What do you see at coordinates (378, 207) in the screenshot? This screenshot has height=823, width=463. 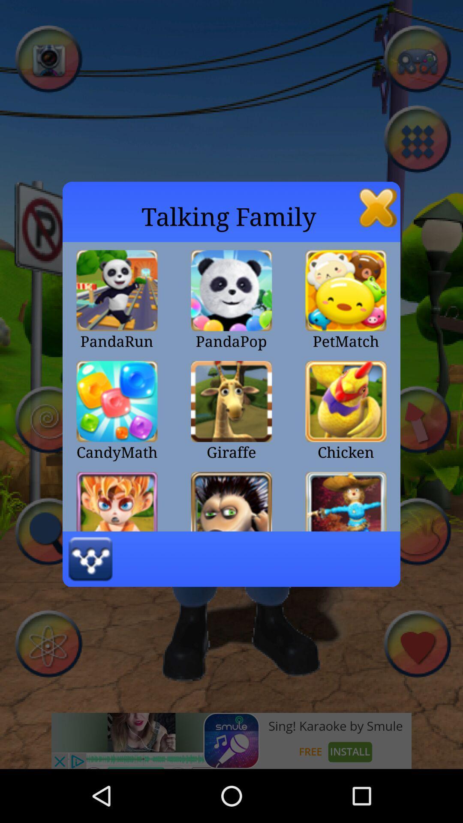 I see `icon at the top right corner` at bounding box center [378, 207].